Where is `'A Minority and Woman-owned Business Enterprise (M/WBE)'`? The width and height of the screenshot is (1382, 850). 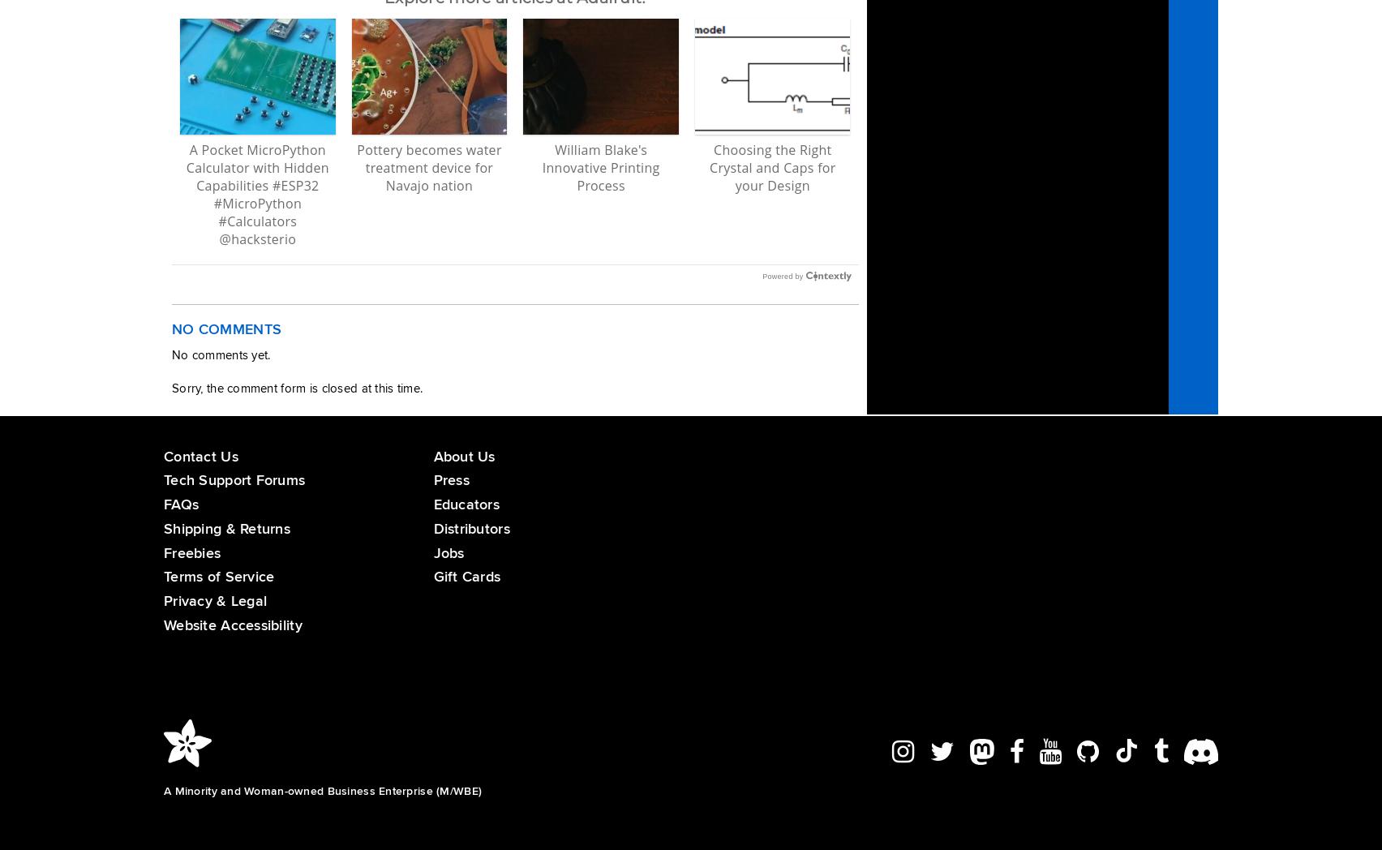
'A Minority and Woman-owned Business Enterprise (M/WBE)' is located at coordinates (322, 789).